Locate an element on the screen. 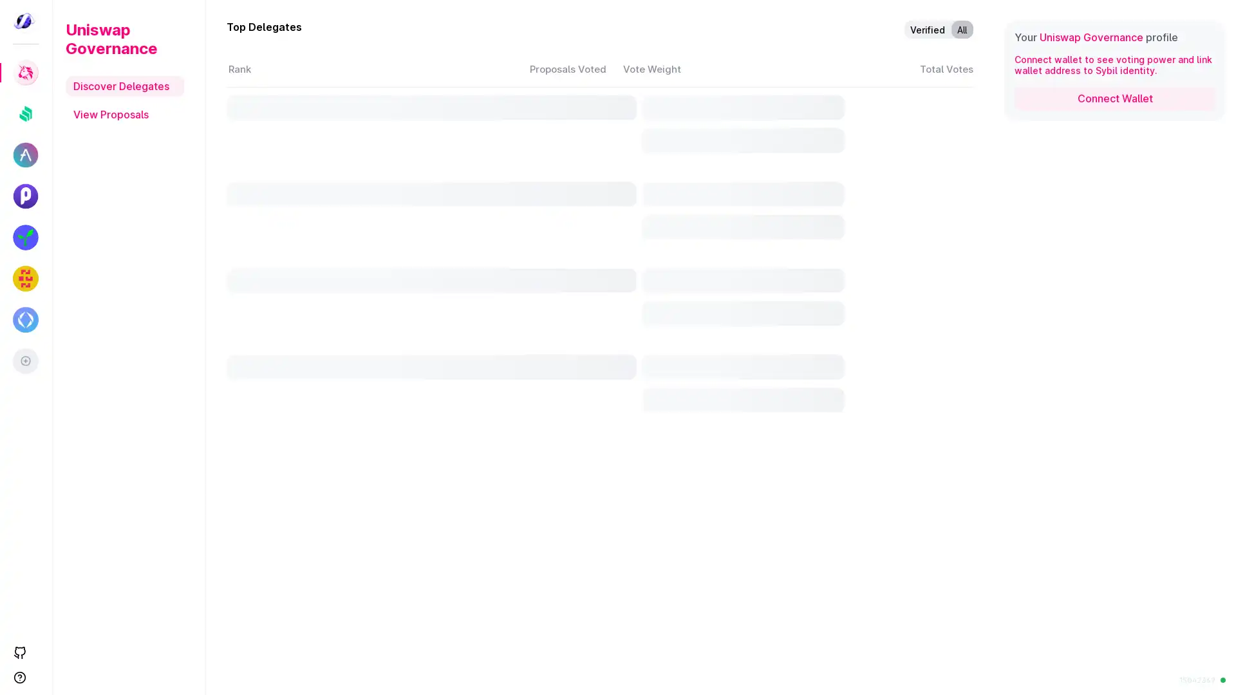  Delegate is located at coordinates (854, 320).